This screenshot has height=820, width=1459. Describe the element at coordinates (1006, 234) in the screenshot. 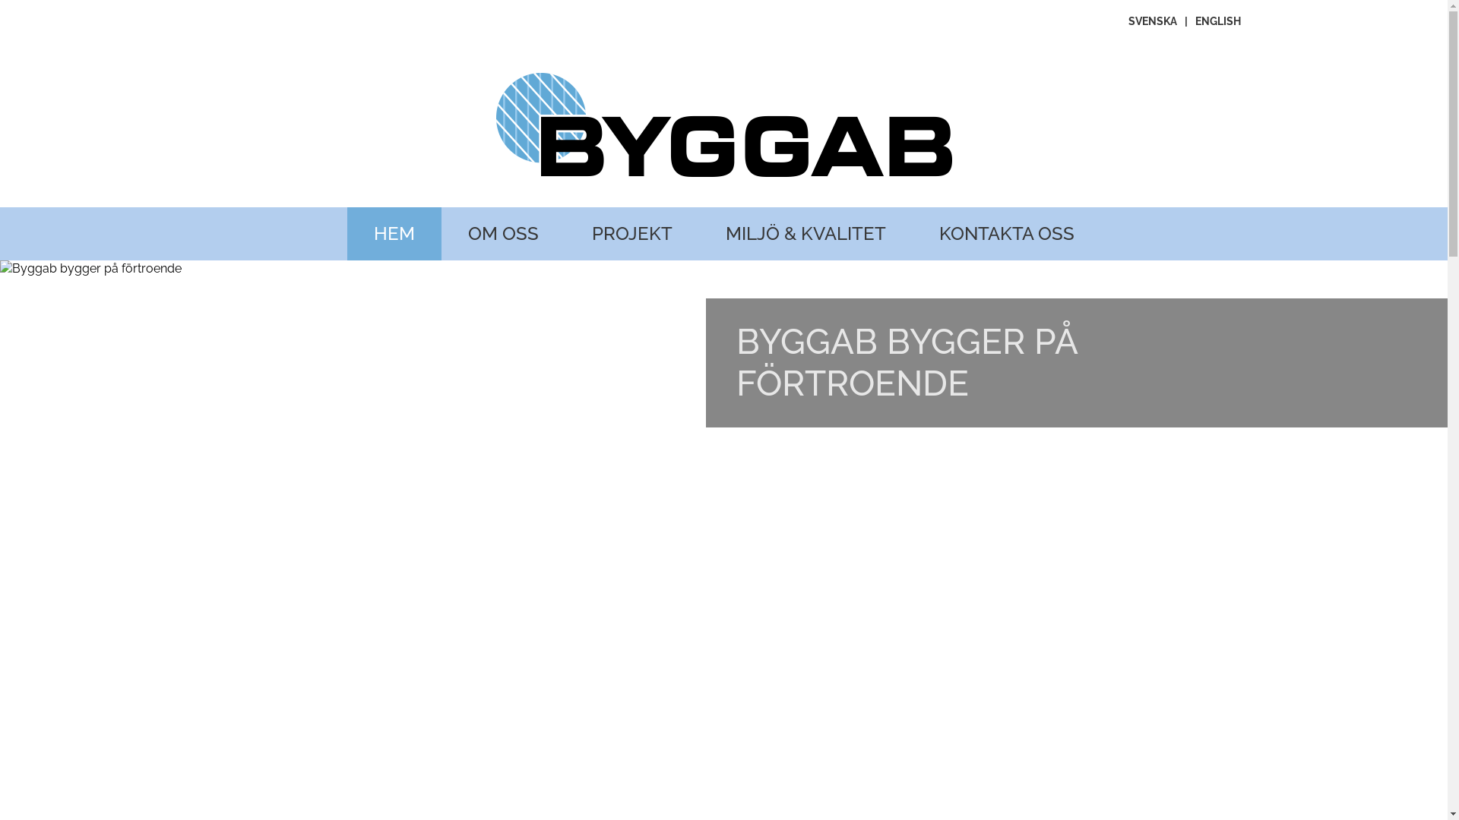

I see `'KONTAKTA OSS'` at that location.